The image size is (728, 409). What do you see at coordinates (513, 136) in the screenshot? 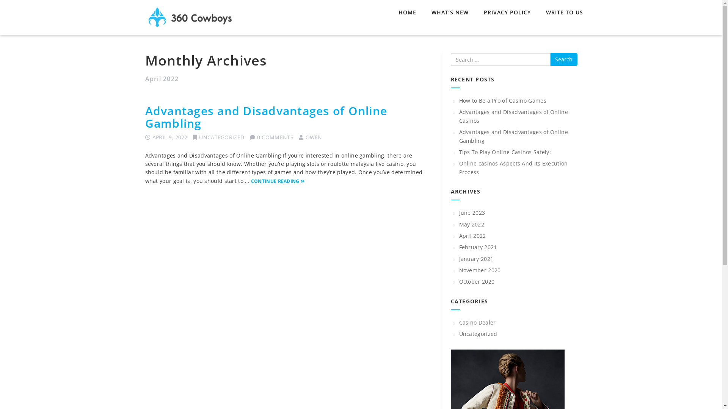
I see `'Advantages and Disadvantages of Online Gambling'` at bounding box center [513, 136].